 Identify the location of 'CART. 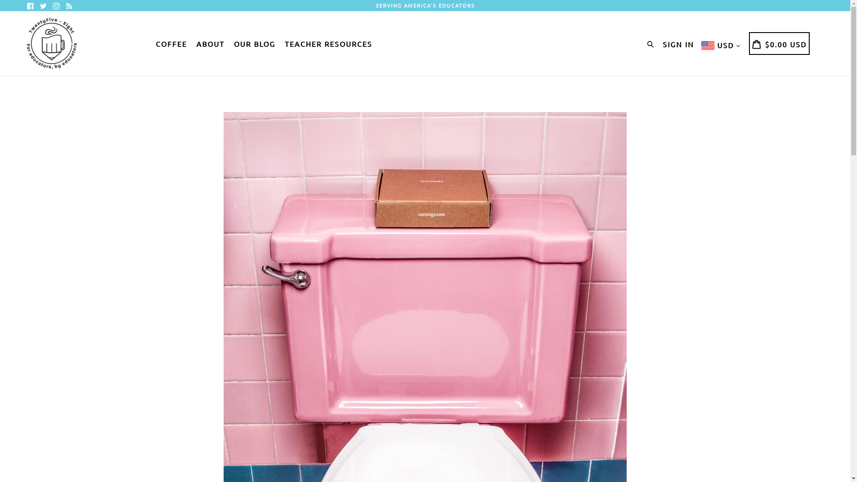
(779, 43).